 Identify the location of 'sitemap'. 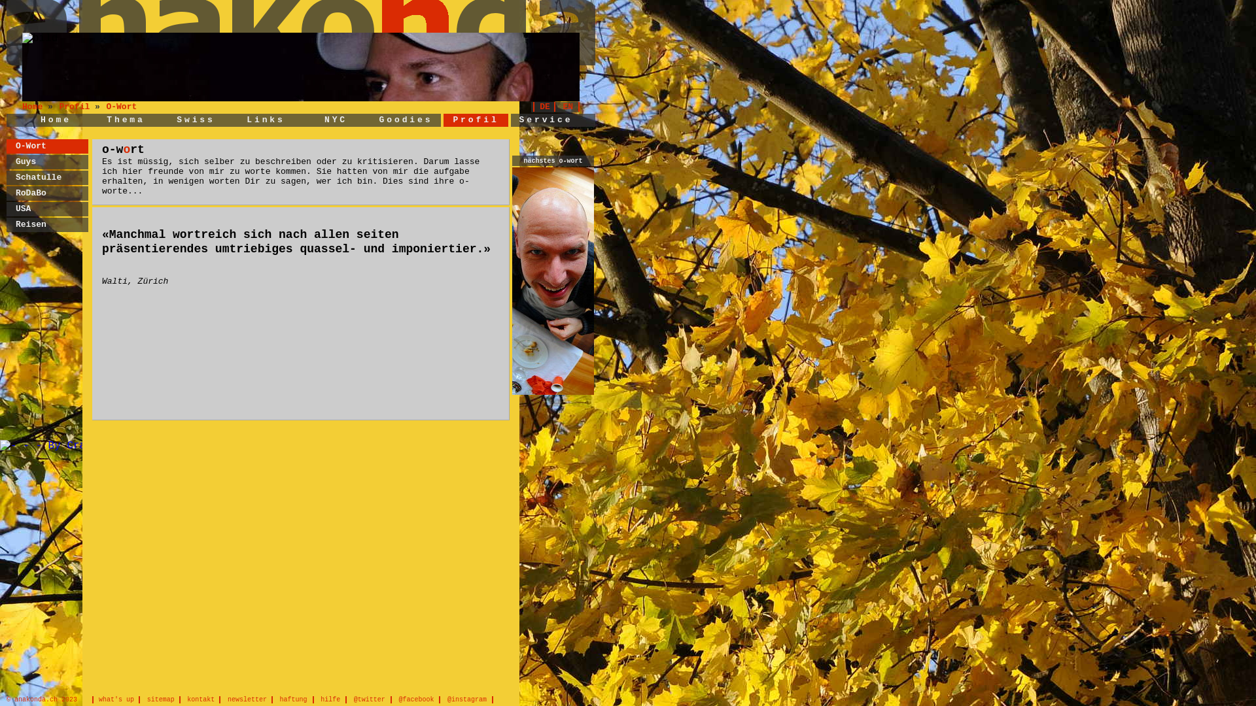
(162, 699).